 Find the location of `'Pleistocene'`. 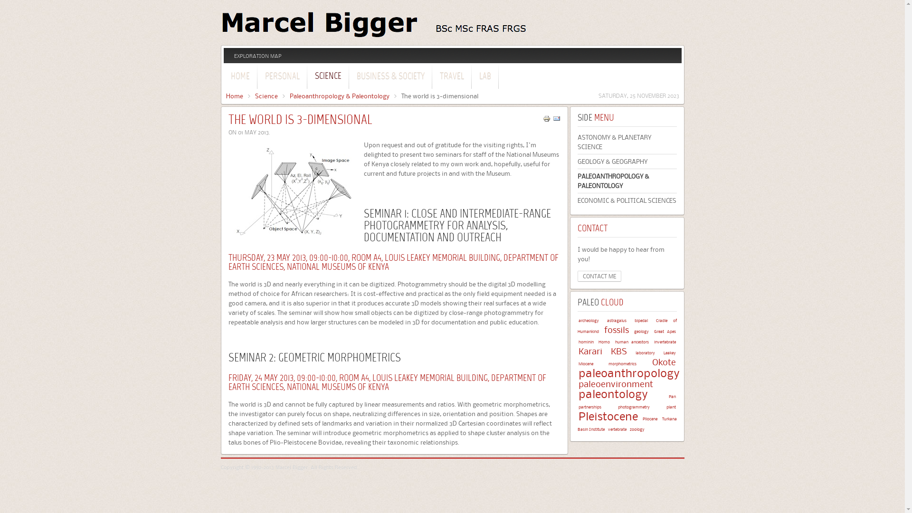

'Pleistocene' is located at coordinates (608, 416).